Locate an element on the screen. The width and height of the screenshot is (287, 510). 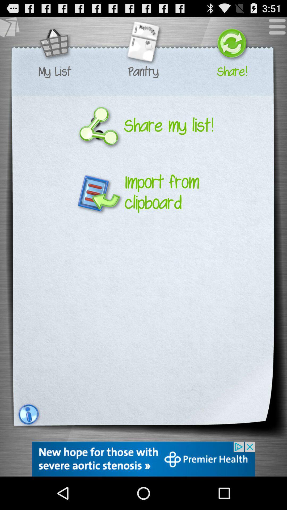
share your list is located at coordinates (231, 44).